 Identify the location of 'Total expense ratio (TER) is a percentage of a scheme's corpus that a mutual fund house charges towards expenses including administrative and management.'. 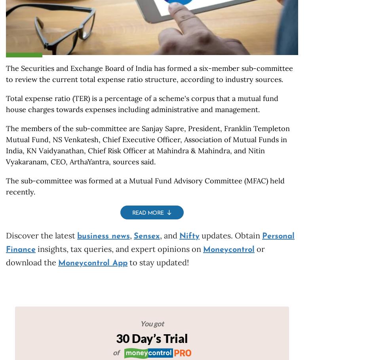
(6, 104).